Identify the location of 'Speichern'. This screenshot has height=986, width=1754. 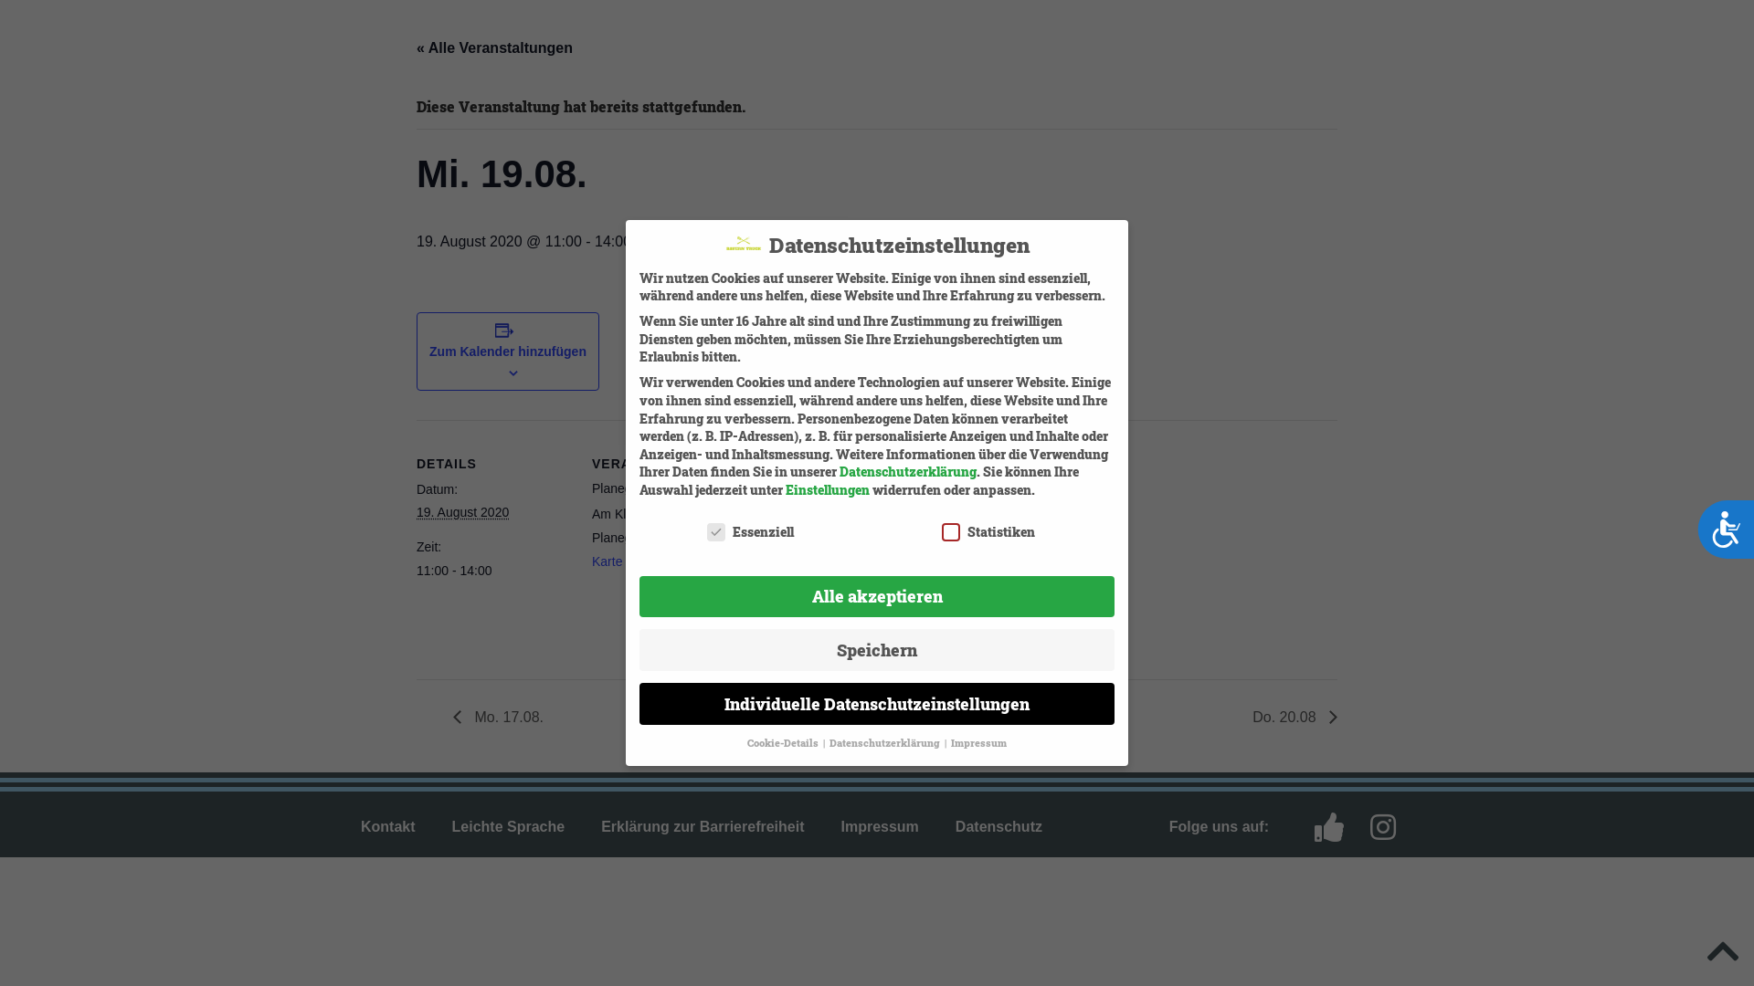
(877, 649).